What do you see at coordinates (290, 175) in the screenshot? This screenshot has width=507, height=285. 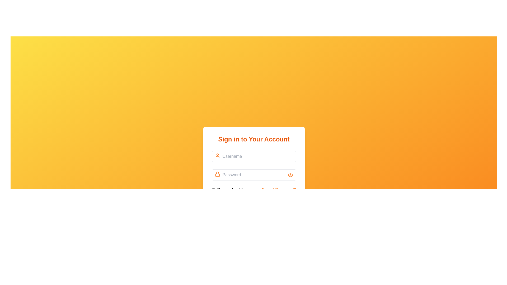 I see `the eye outline SVG element representing the visibility toggle feature in the password input field of the login form` at bounding box center [290, 175].